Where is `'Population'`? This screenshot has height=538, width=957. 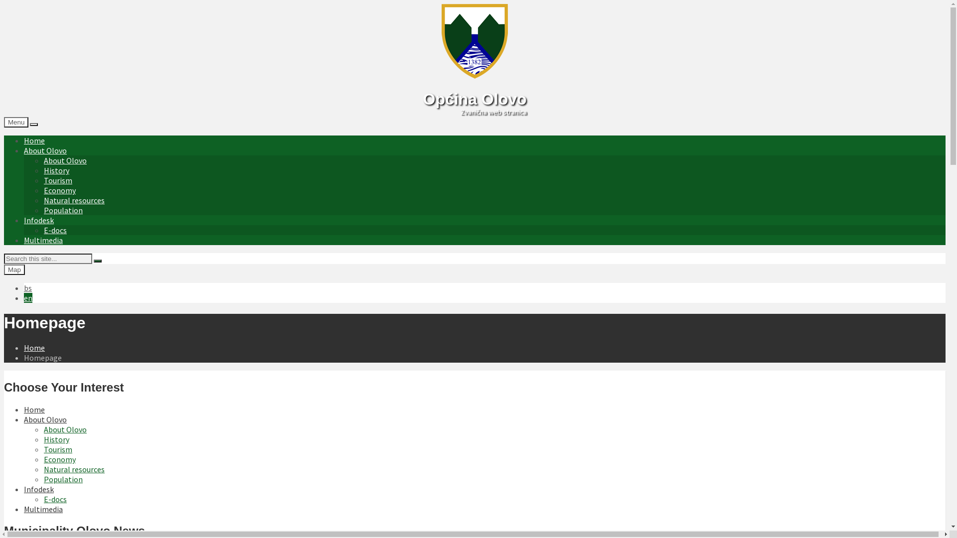 'Population' is located at coordinates (62, 209).